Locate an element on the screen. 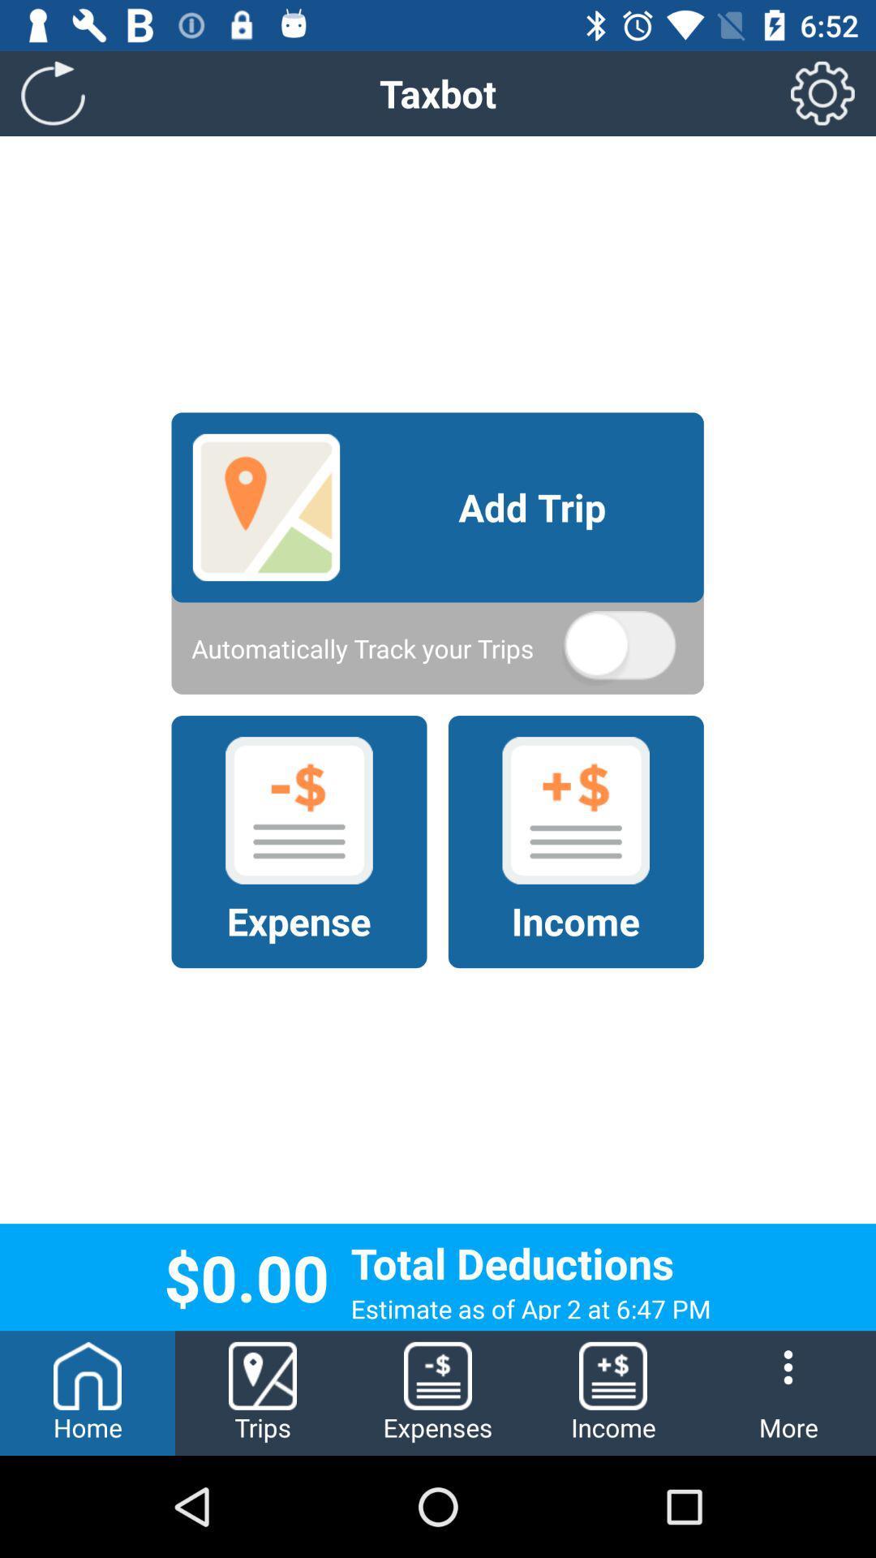  the app to the right of the automatically track your item is located at coordinates (619, 648).